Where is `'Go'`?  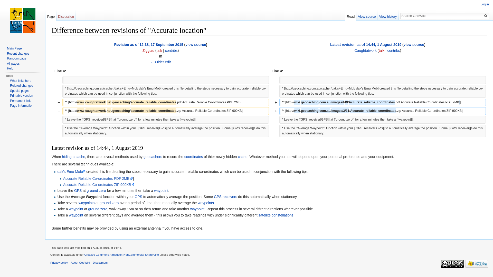 'Go' is located at coordinates (485, 15).